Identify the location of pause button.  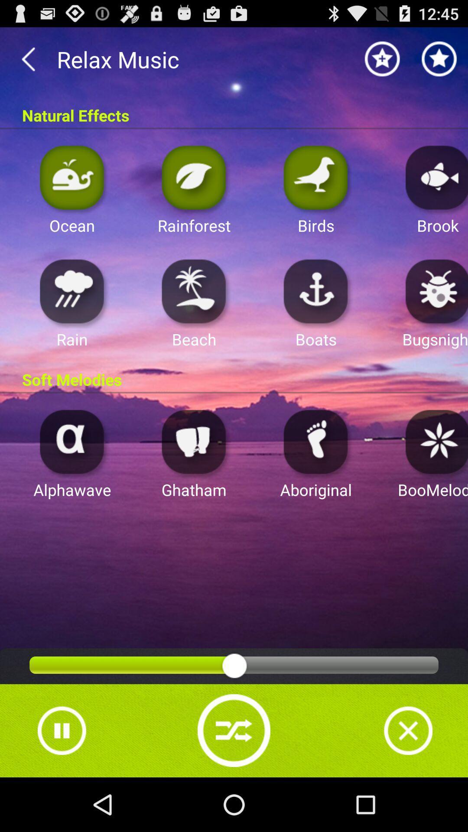
(61, 730).